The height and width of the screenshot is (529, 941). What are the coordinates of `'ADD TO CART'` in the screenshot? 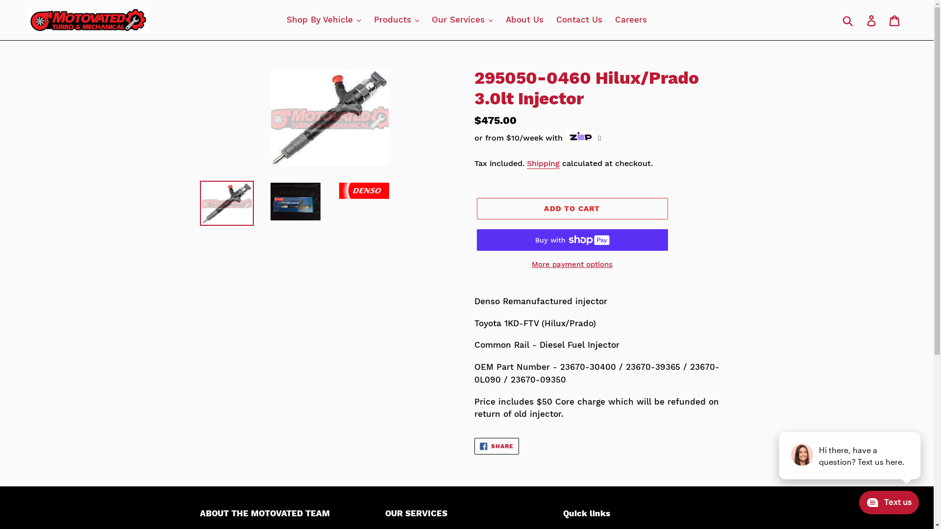 It's located at (571, 208).